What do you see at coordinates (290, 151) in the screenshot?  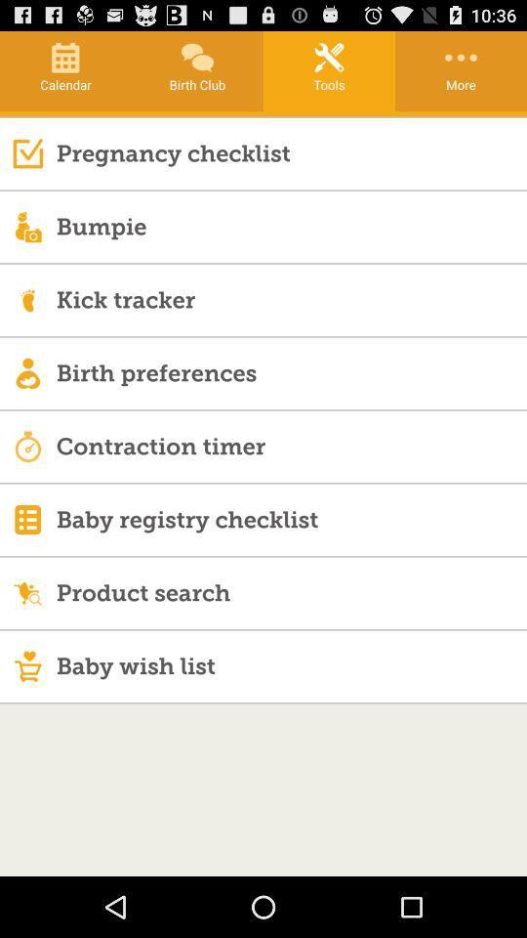 I see `pregnancy checklist` at bounding box center [290, 151].